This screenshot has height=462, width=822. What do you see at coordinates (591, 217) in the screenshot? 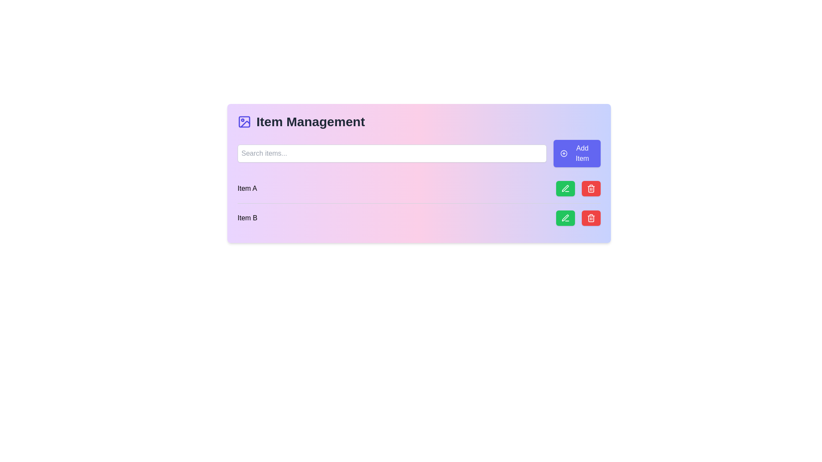
I see `the small rectangular red delete button with a white trash bin icon to observe its visual feedback` at bounding box center [591, 217].